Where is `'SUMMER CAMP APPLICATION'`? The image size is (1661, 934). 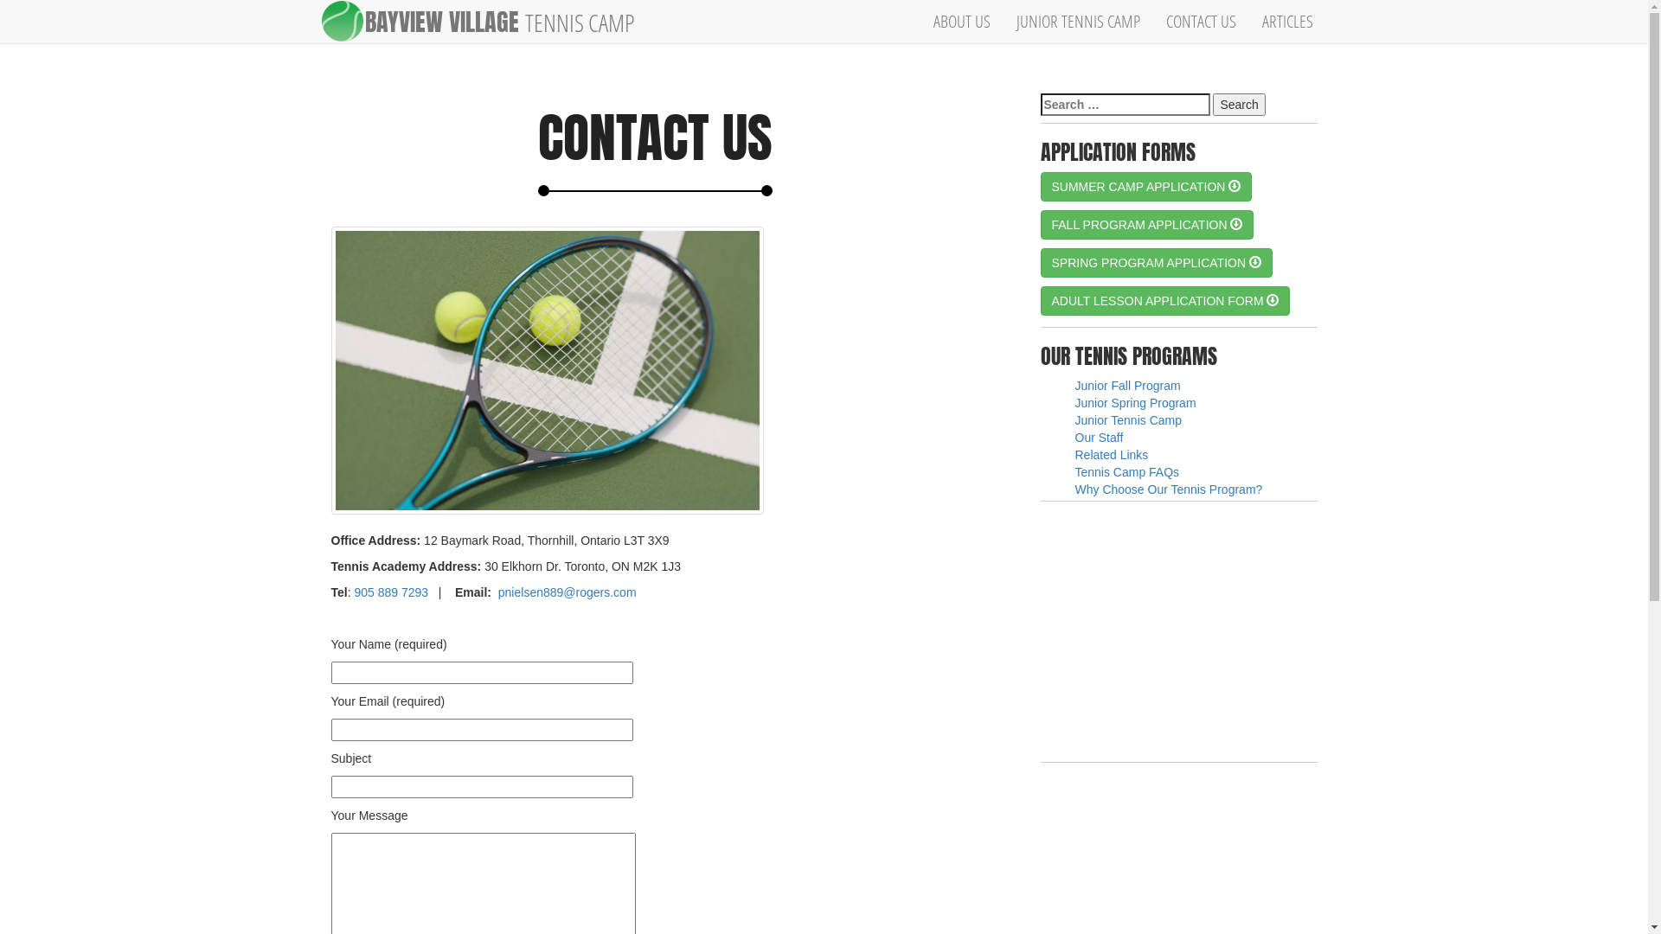
'SUMMER CAMP APPLICATION' is located at coordinates (1145, 187).